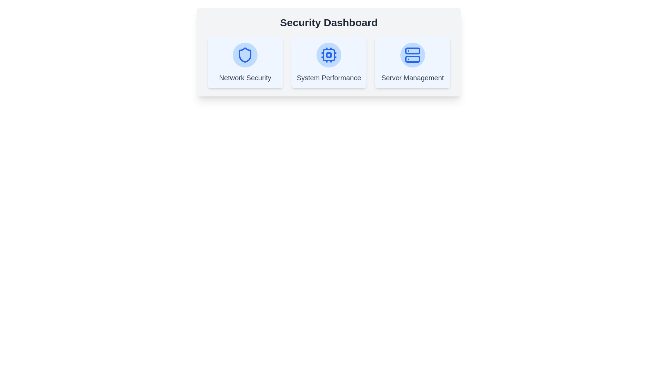  Describe the element at coordinates (412, 59) in the screenshot. I see `the bottom rectangular component with a blue fill within the 'Server Management' icon, which is located below the dashboard header` at that location.